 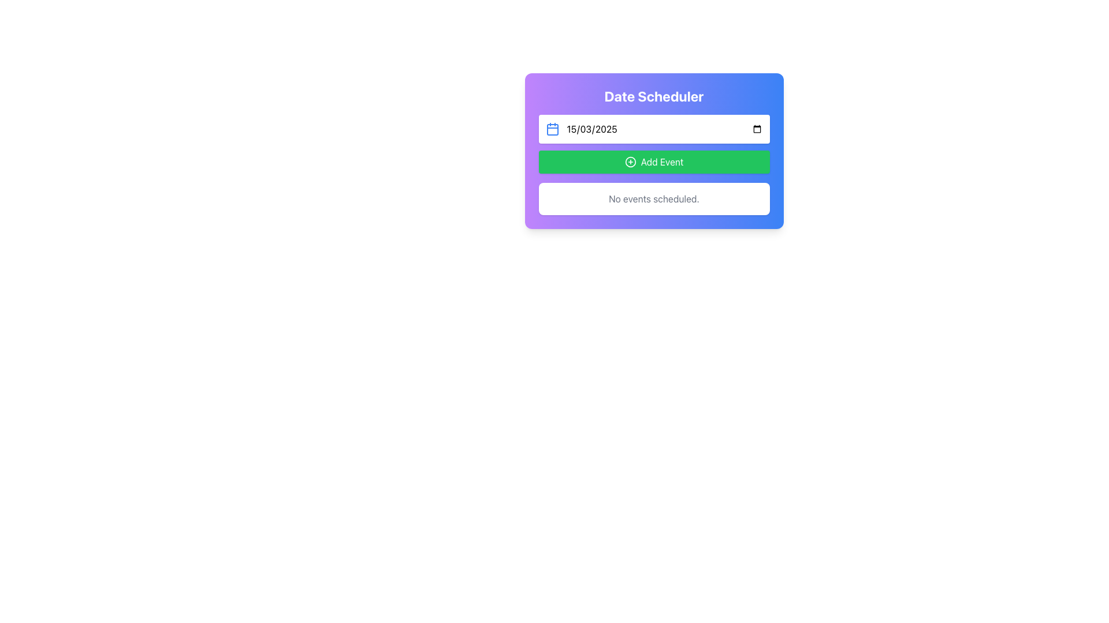 What do you see at coordinates (654, 144) in the screenshot?
I see `the button located underneath the 'Date Scheduler' header` at bounding box center [654, 144].